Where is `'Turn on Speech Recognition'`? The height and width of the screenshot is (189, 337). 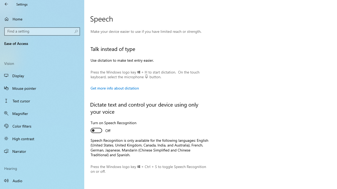 'Turn on Speech Recognition' is located at coordinates (113, 127).